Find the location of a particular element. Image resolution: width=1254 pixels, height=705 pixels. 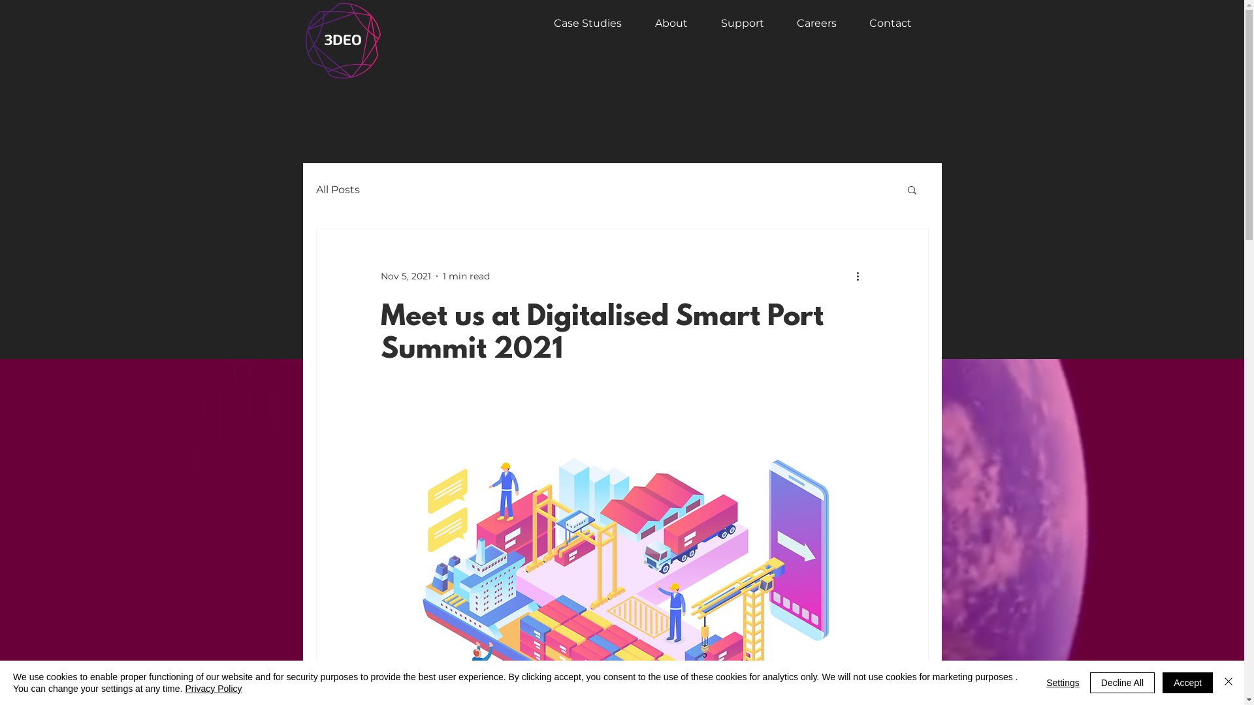

'Contact' is located at coordinates (884, 23).